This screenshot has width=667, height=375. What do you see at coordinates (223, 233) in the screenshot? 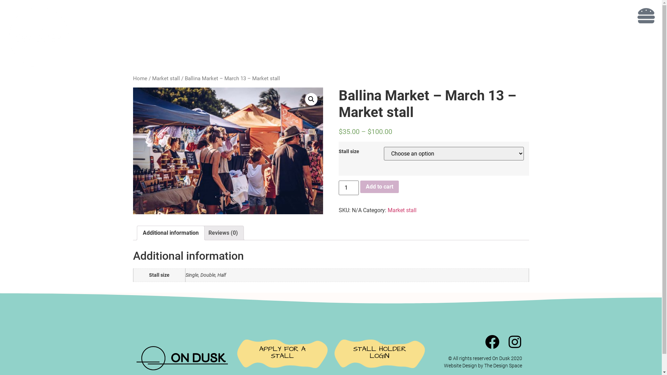
I see `'Reviews (0)'` at bounding box center [223, 233].